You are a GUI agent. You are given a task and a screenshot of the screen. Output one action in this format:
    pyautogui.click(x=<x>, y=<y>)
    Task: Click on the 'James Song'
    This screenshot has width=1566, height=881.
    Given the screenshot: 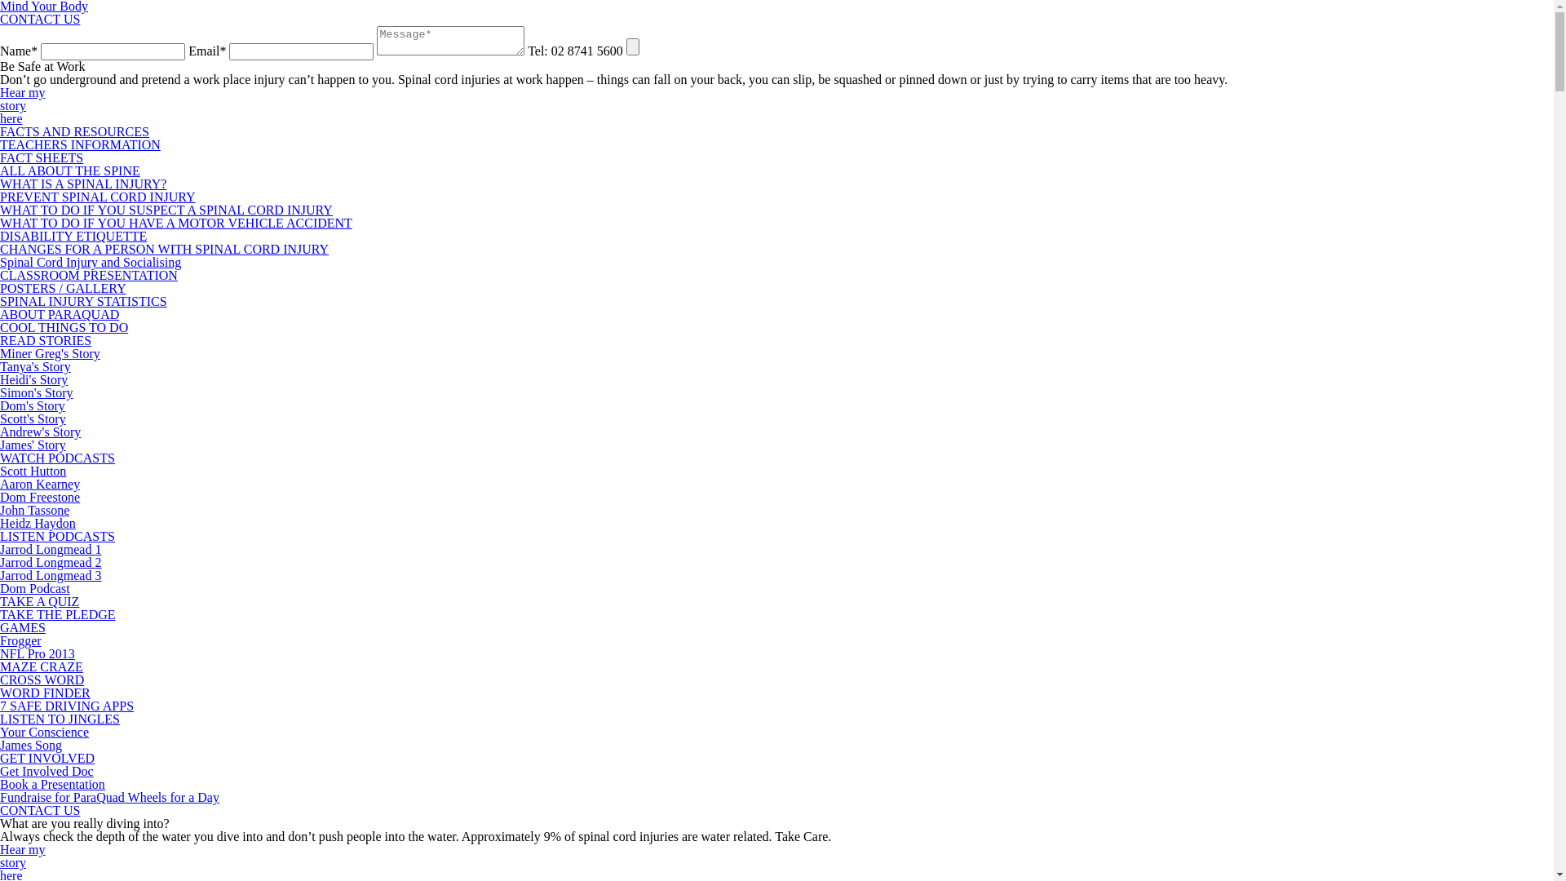 What is the action you would take?
    pyautogui.click(x=0, y=745)
    